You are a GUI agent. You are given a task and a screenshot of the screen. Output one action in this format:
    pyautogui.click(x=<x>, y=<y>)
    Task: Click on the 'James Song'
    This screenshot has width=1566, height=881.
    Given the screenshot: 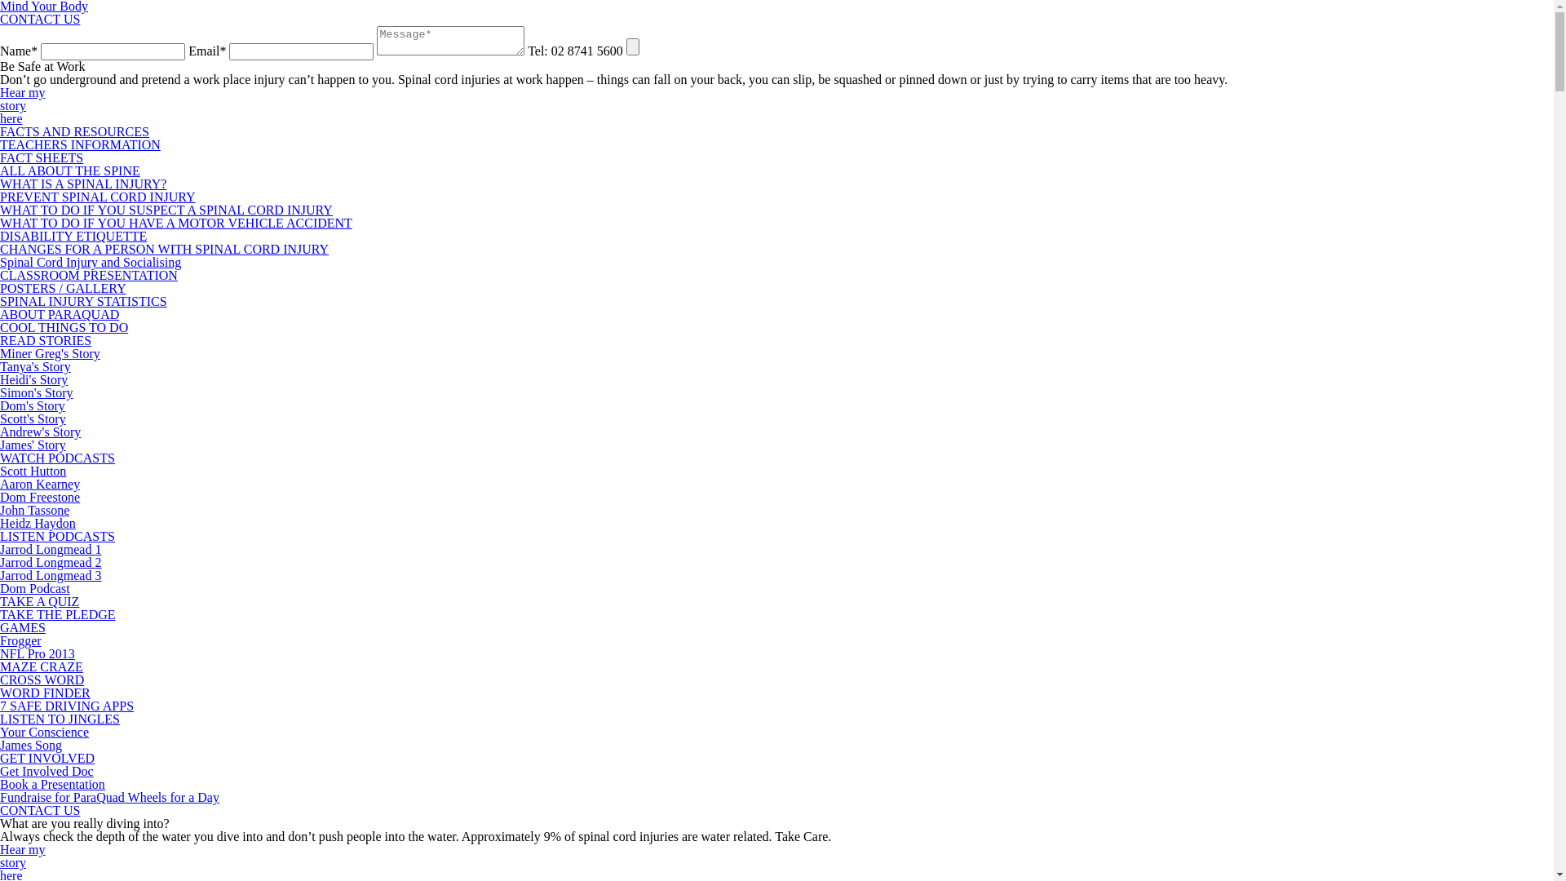 What is the action you would take?
    pyautogui.click(x=0, y=745)
    